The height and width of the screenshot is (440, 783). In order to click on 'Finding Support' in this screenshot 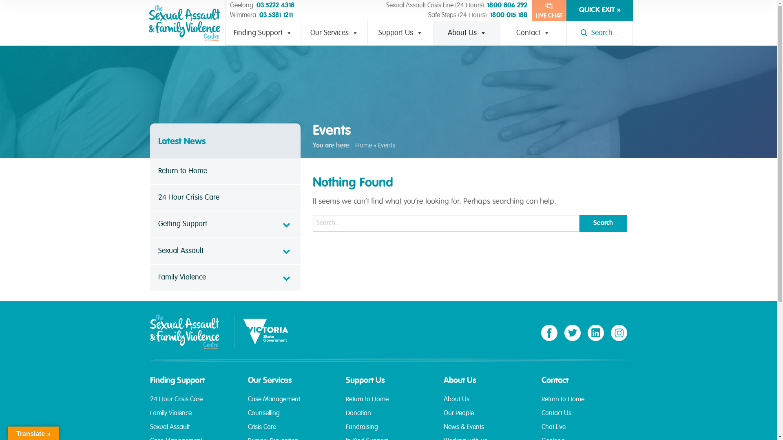, I will do `click(263, 33)`.